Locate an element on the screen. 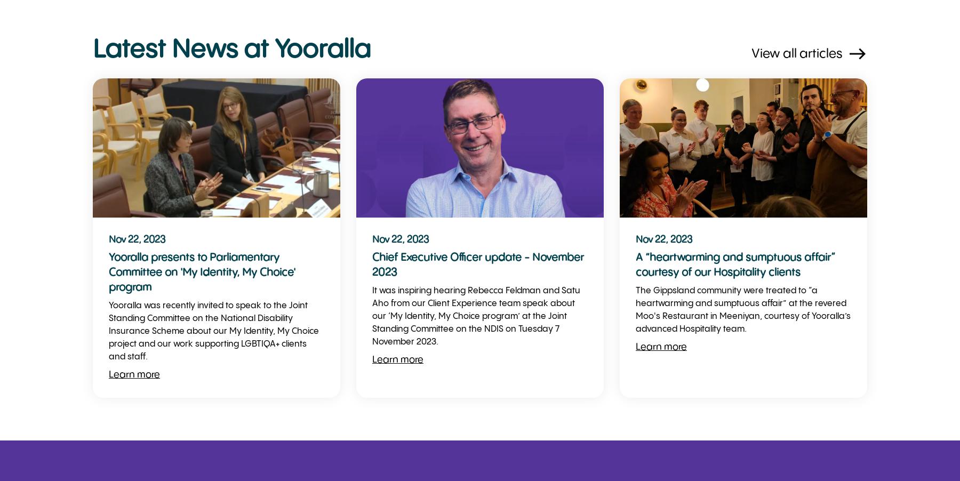 The height and width of the screenshot is (481, 960). 'Yooralla presents to Parliamentary Committee on 'My Identity, My Choice' program' is located at coordinates (202, 272).